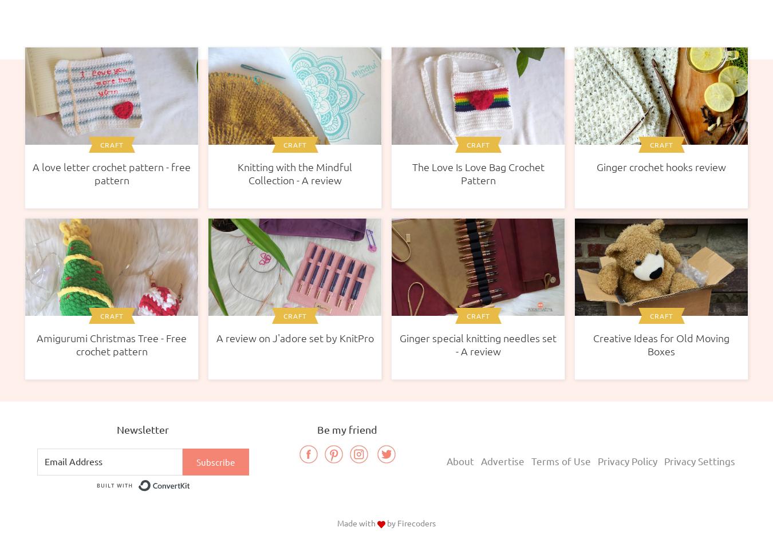  What do you see at coordinates (215, 461) in the screenshot?
I see `'Subscribe'` at bounding box center [215, 461].